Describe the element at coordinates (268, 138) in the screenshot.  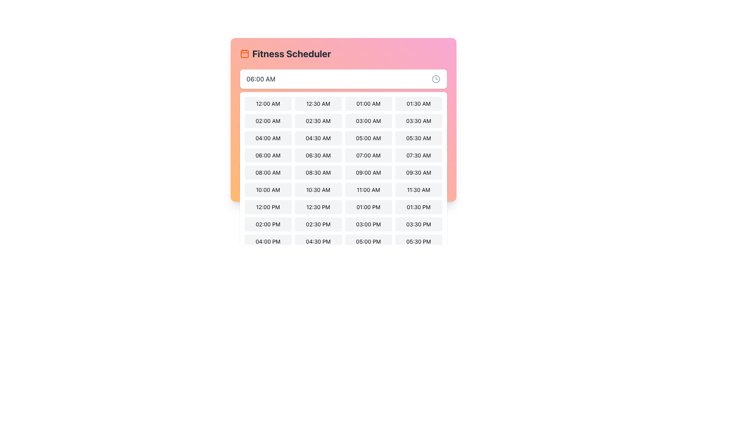
I see `the selectable time slot button located in the first column of the third row in the scheduling interface` at that location.